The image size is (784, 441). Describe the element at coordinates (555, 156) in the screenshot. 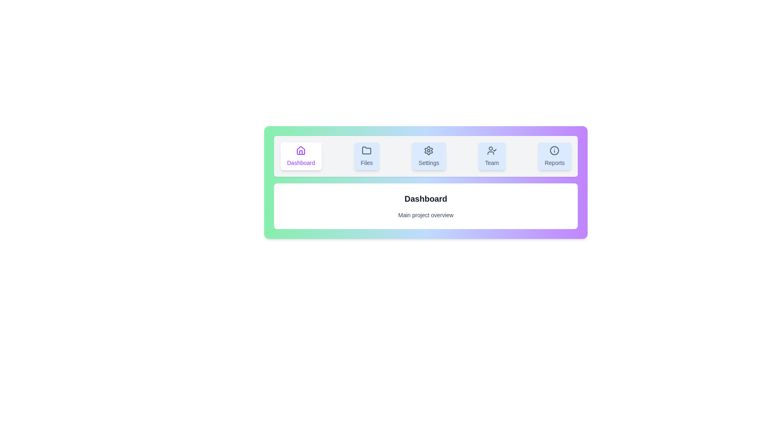

I see `the tab labeled Reports by clicking on it` at that location.